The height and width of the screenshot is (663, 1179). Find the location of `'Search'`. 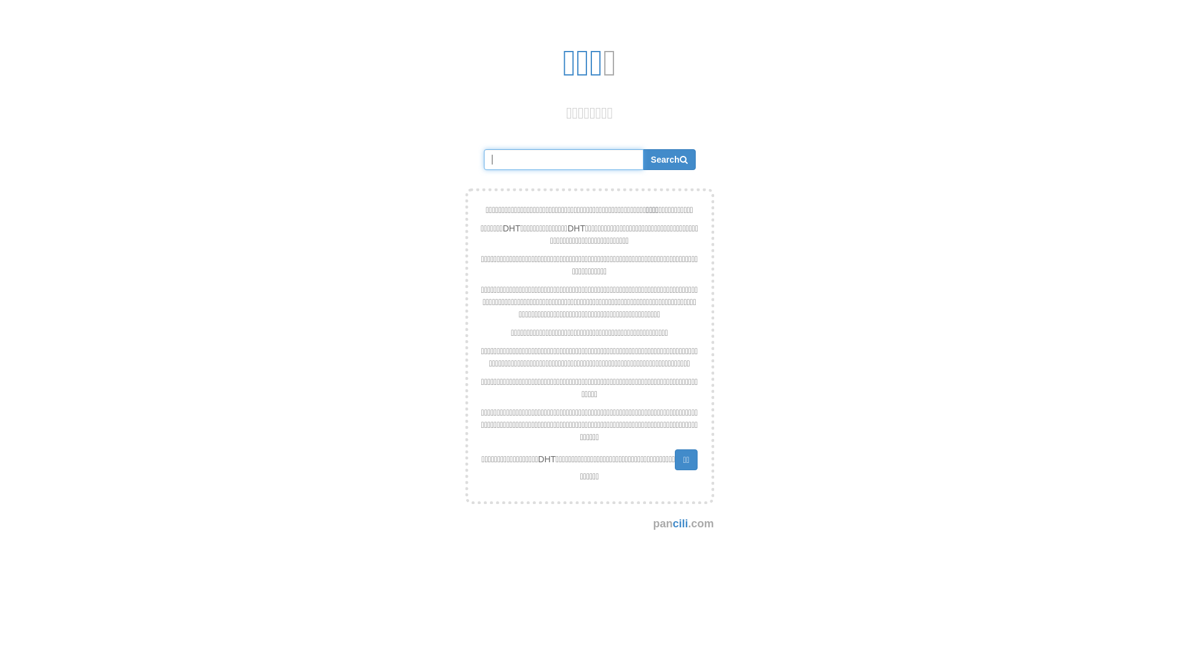

'Search' is located at coordinates (642, 158).